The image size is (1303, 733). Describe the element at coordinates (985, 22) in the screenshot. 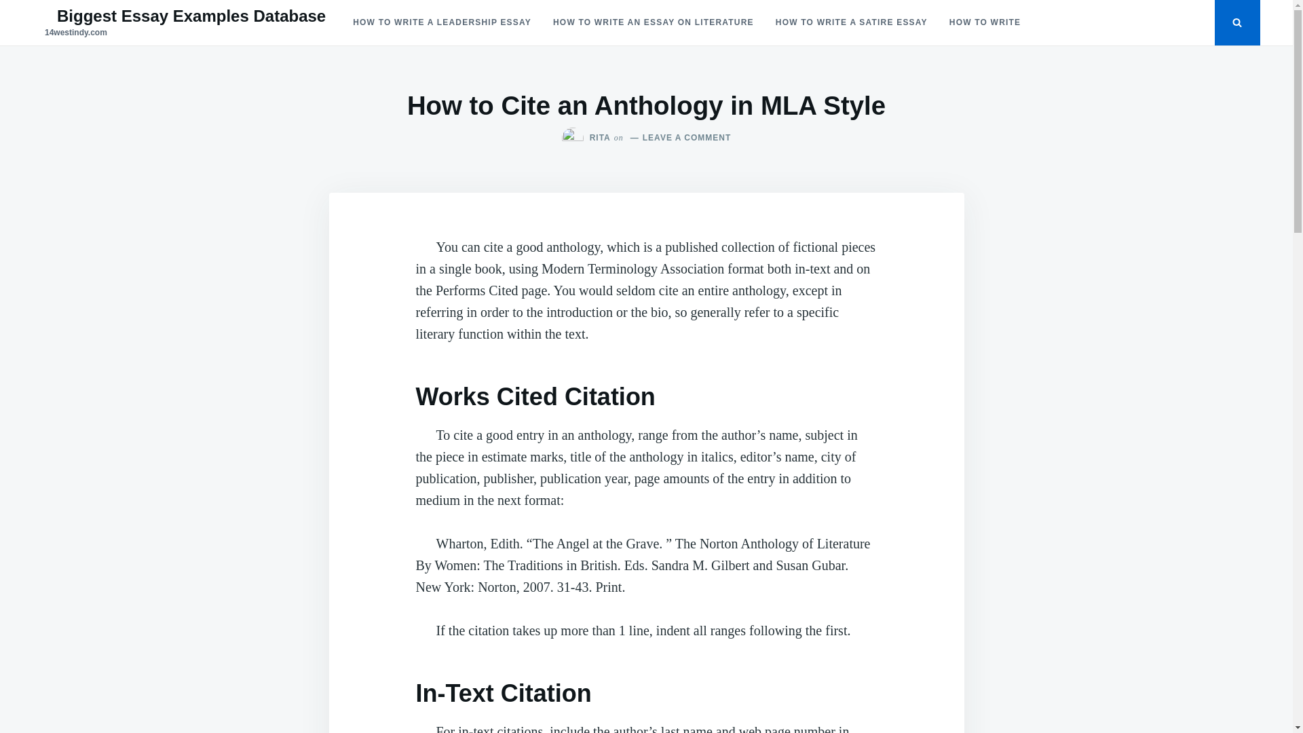

I see `'HOW TO WRITE'` at that location.